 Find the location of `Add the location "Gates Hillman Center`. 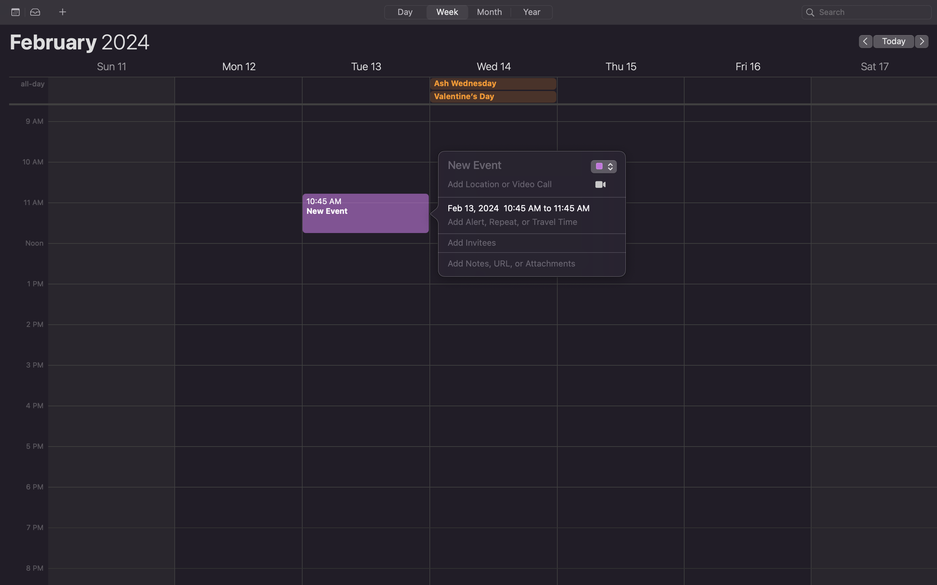

Add the location "Gates Hillman Center is located at coordinates (513, 187).